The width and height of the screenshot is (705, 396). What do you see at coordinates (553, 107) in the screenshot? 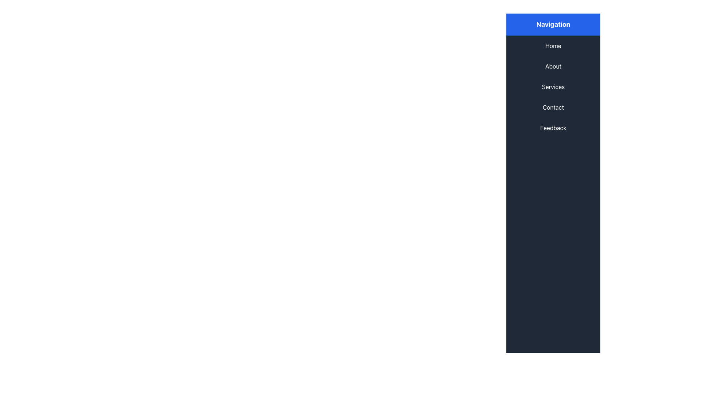
I see `the 'Contact' navigation item, which is the fourth item in the vertical list of navigation options` at bounding box center [553, 107].